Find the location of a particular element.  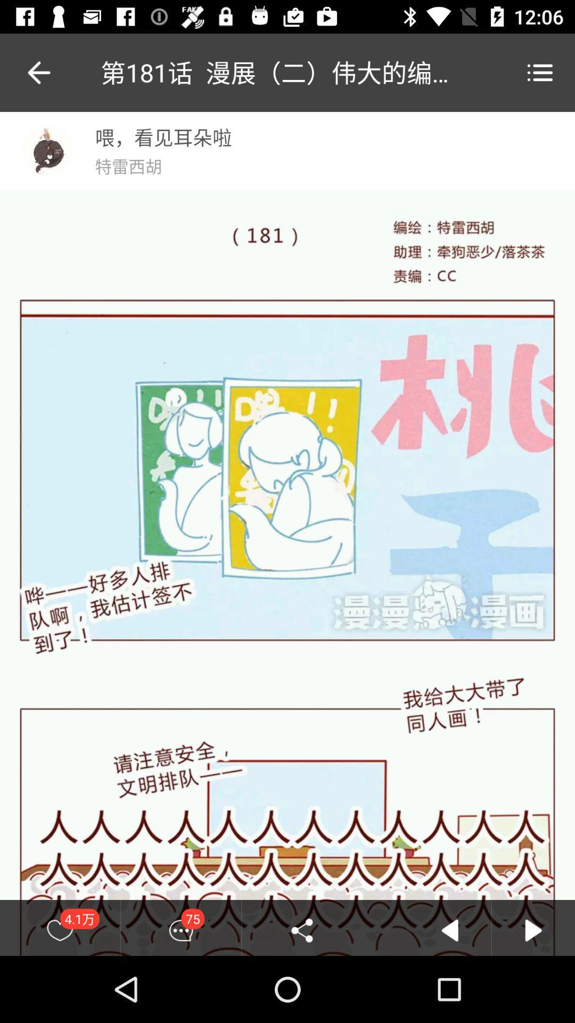

the icon on the top left corner with white background is located at coordinates (47, 150).